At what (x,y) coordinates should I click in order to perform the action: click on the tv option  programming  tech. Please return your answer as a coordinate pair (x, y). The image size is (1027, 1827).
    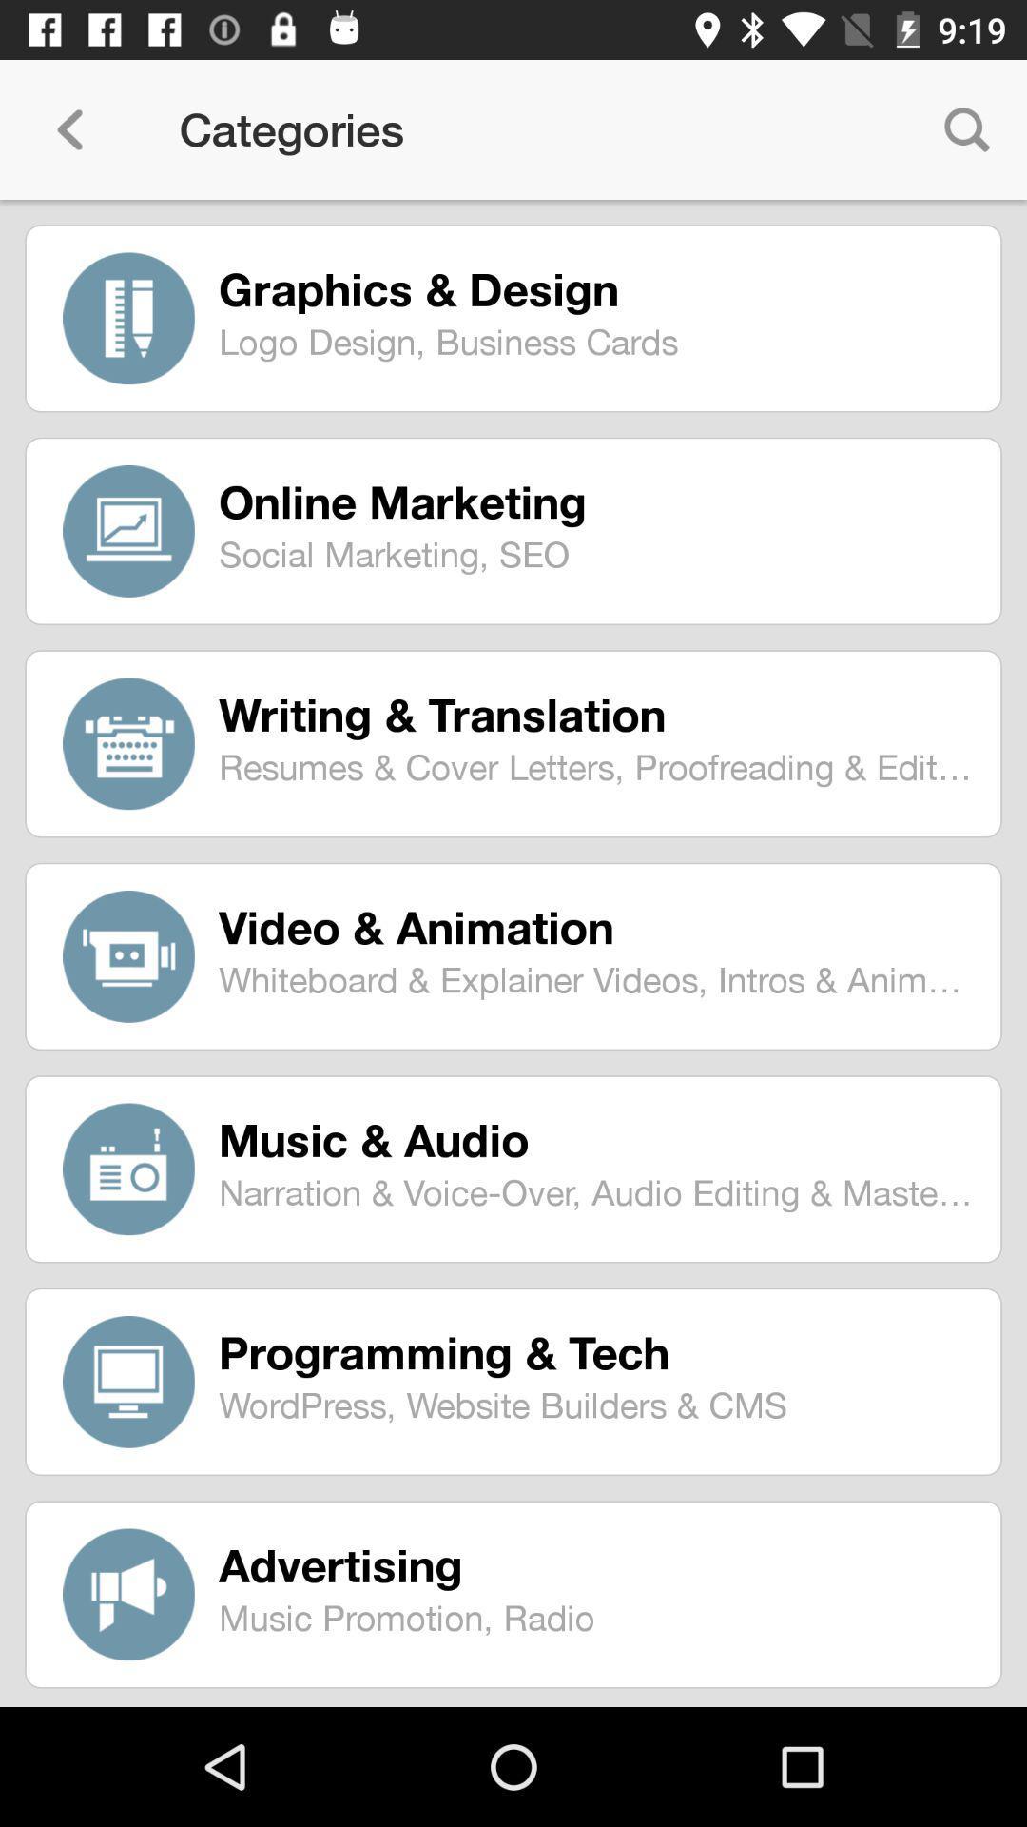
    Looking at the image, I should click on (128, 1382).